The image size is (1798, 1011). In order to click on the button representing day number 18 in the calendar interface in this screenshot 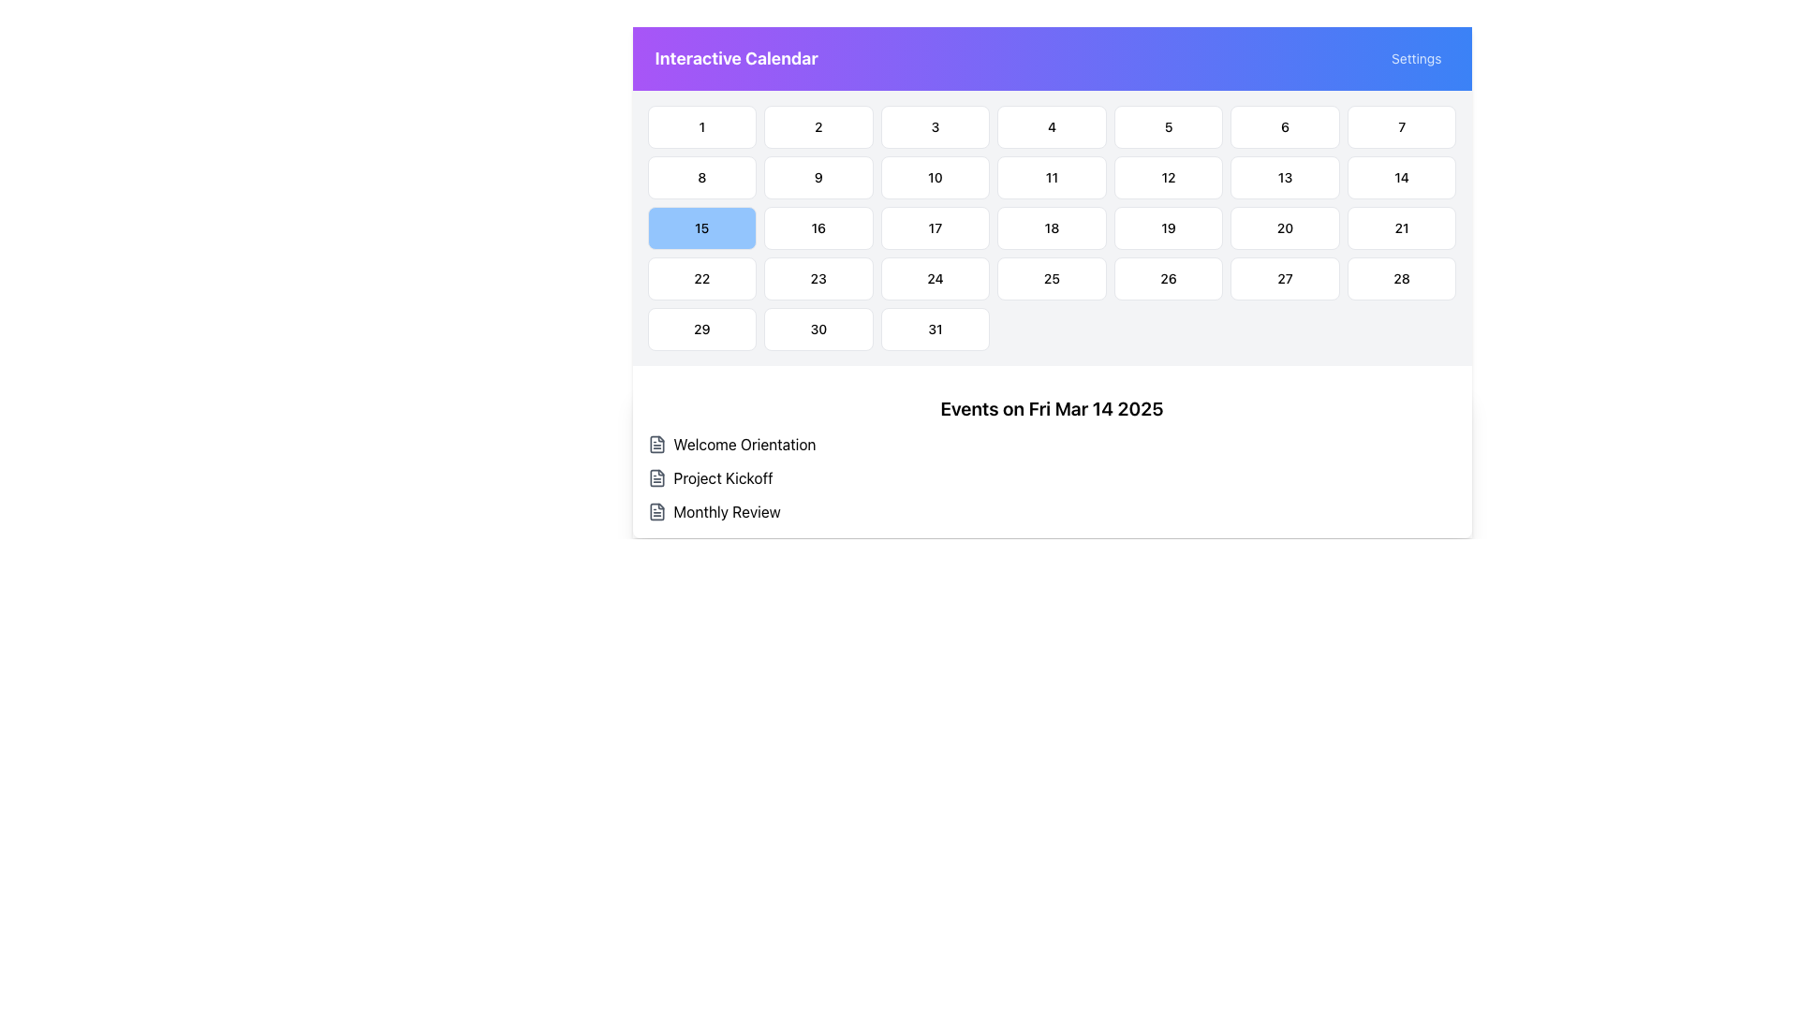, I will do `click(1052, 227)`.